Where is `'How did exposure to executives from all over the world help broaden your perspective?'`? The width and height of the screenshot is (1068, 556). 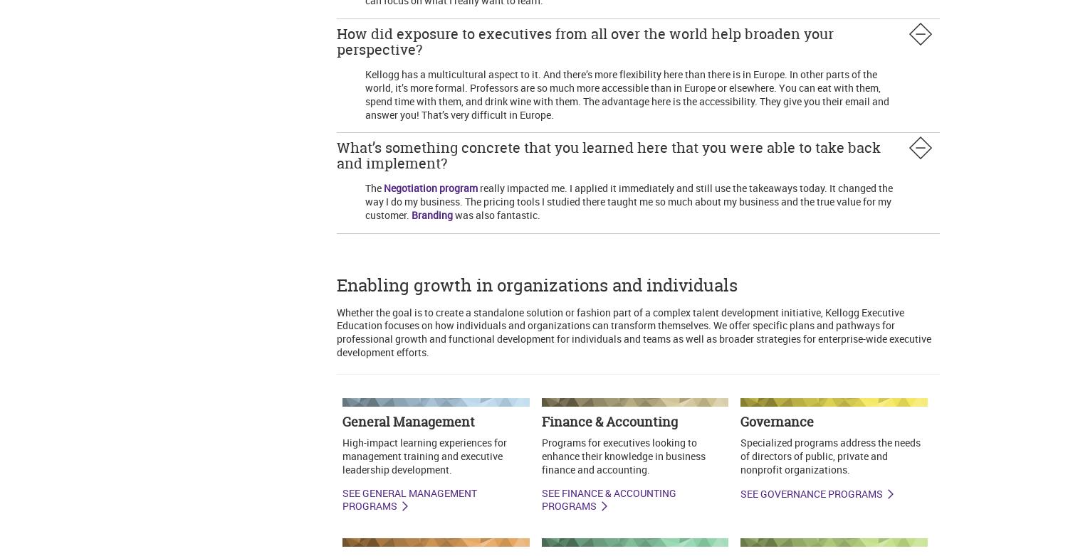
'How did exposure to executives from all over the world help broaden your perspective?' is located at coordinates (583, 41).